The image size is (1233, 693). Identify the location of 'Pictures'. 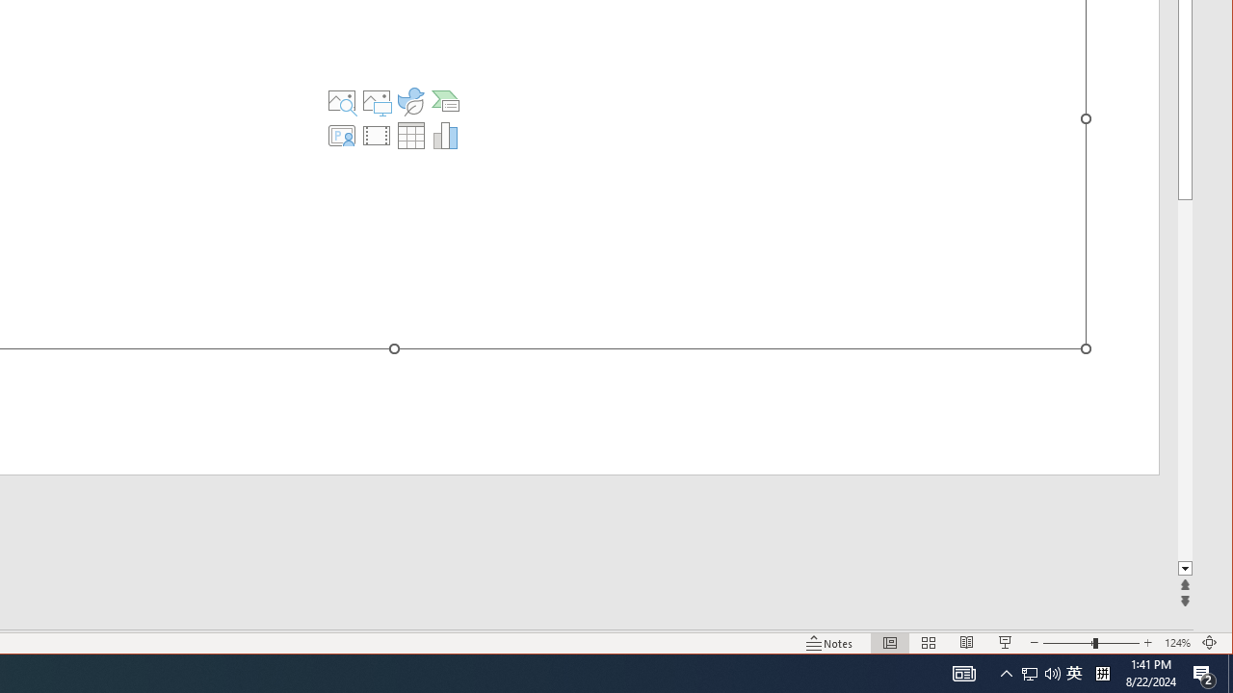
(377, 101).